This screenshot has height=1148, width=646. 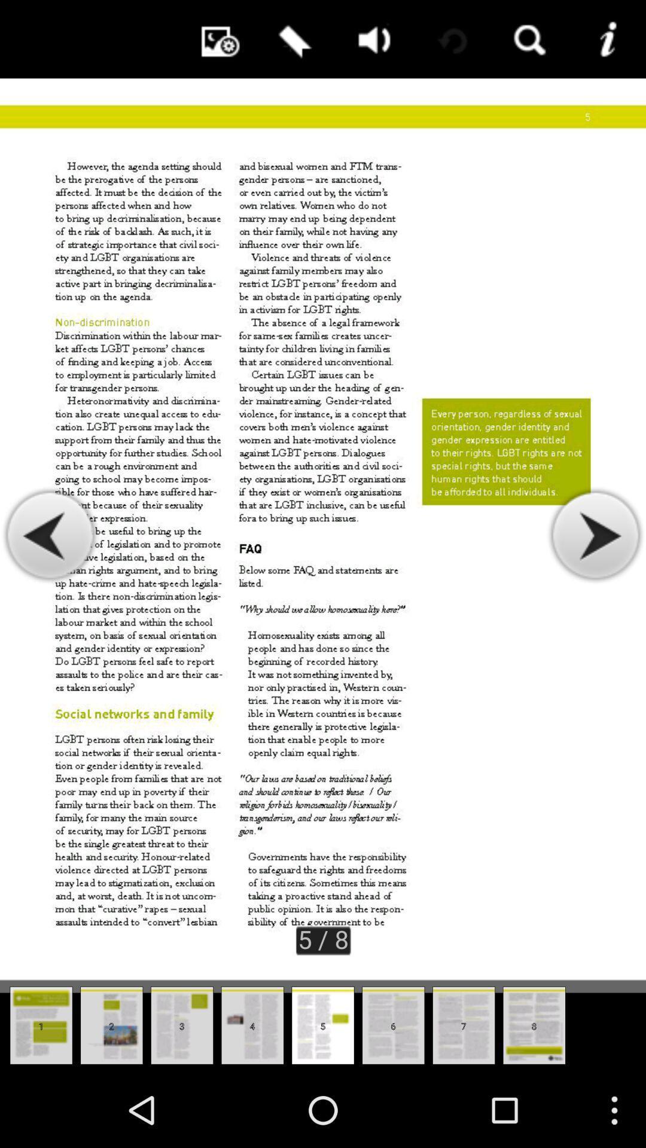 What do you see at coordinates (370, 39) in the screenshot?
I see `app above the 5 / 8 item` at bounding box center [370, 39].